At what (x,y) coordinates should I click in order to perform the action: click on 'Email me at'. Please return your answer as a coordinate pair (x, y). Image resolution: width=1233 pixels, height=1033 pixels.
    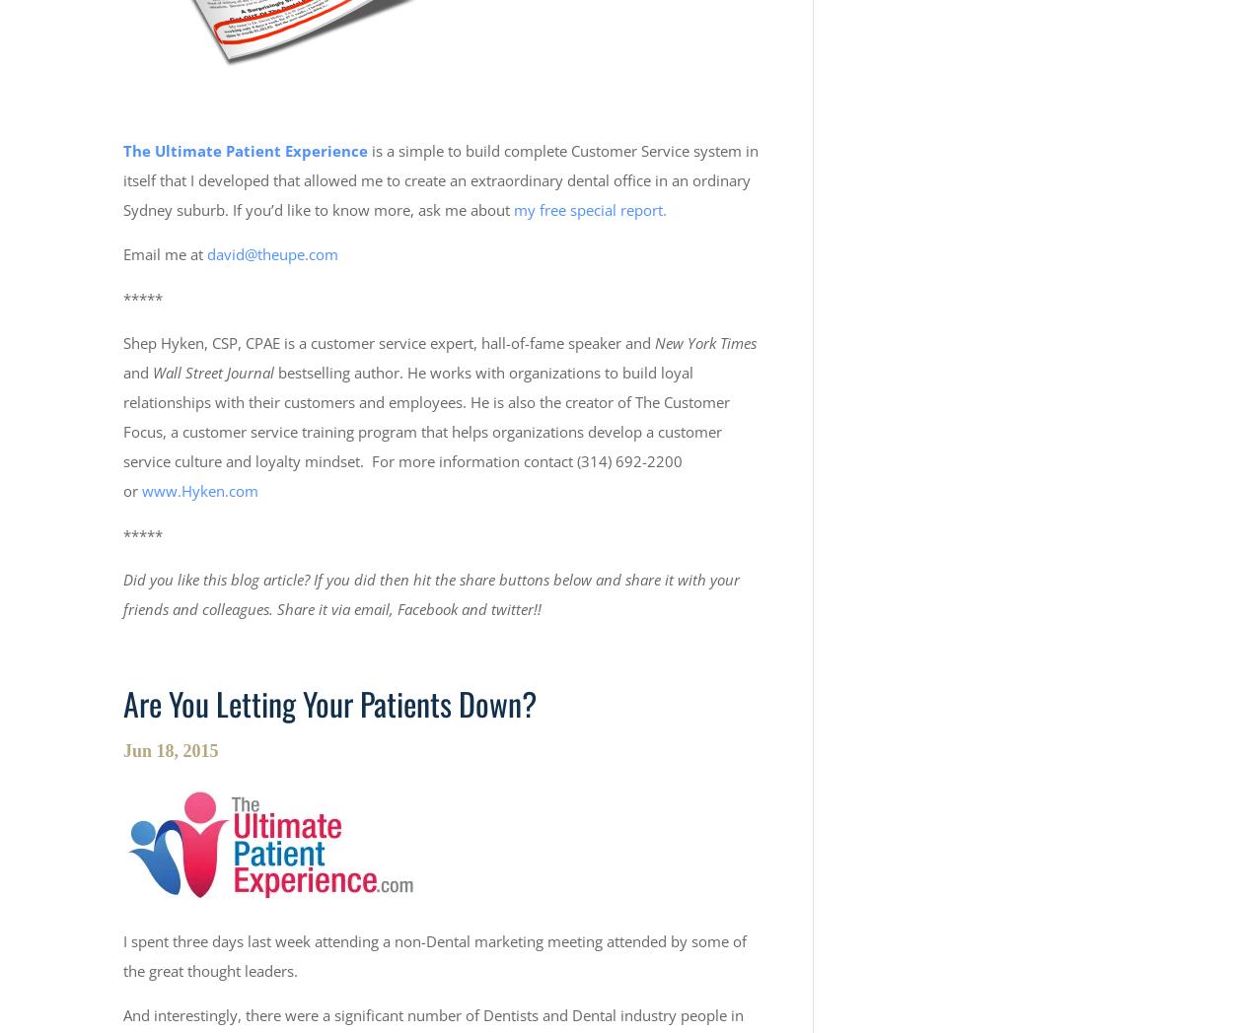
    Looking at the image, I should click on (165, 252).